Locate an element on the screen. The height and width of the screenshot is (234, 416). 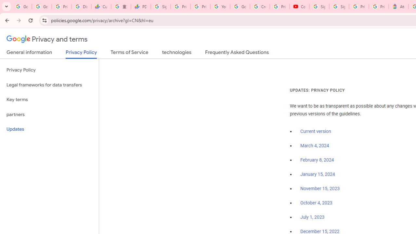
'Key terms' is located at coordinates (49, 99).